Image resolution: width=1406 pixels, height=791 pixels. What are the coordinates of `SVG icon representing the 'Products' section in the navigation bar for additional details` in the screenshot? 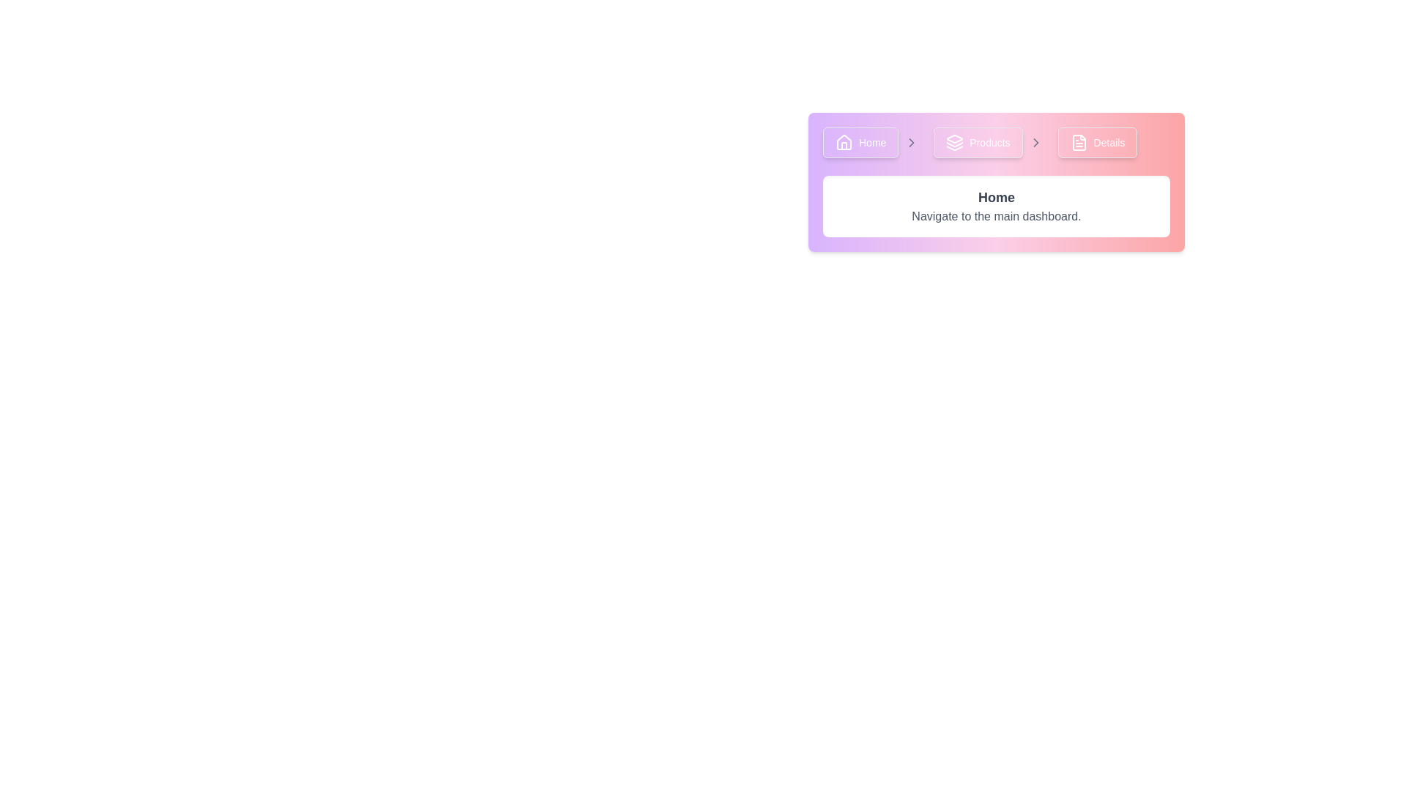 It's located at (955, 143).